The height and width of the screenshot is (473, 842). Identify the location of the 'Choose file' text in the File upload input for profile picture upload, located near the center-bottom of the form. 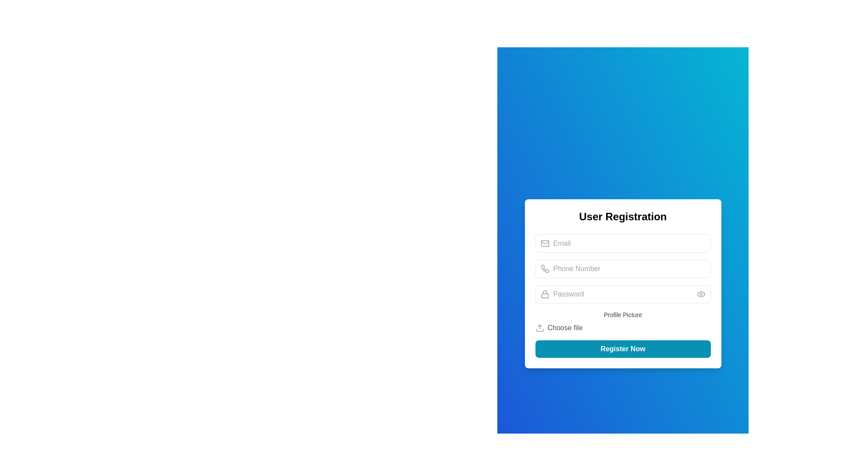
(622, 322).